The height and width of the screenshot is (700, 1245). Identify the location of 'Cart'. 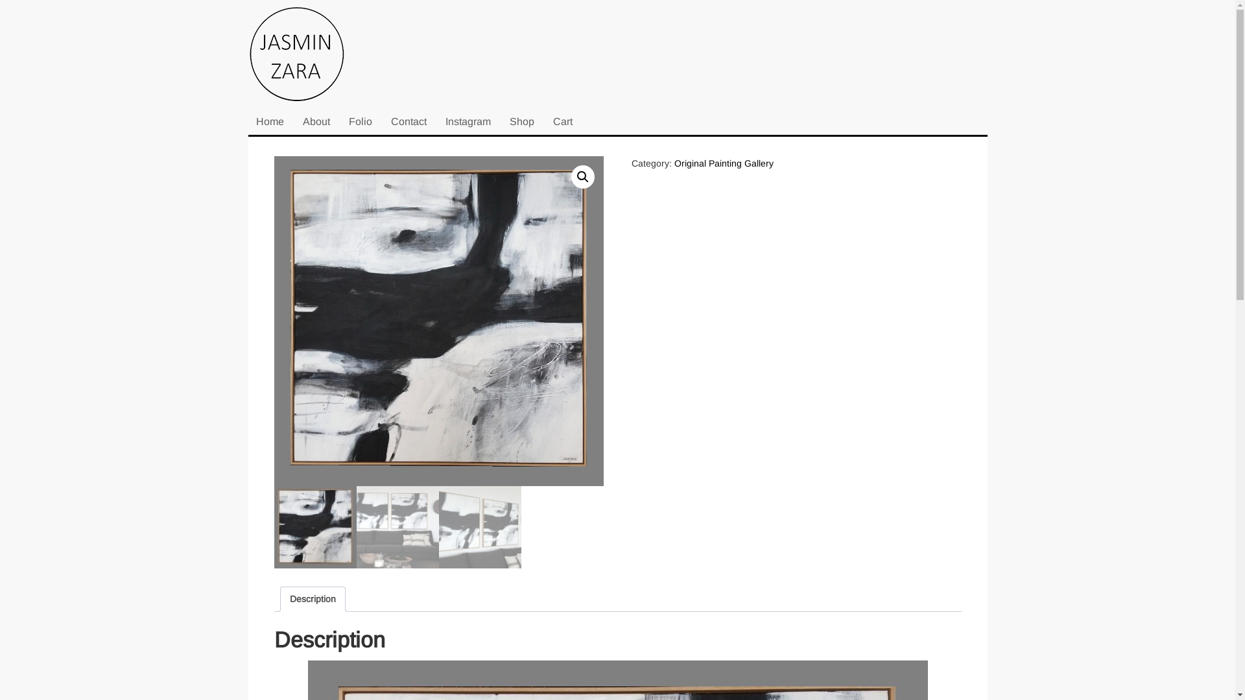
(562, 122).